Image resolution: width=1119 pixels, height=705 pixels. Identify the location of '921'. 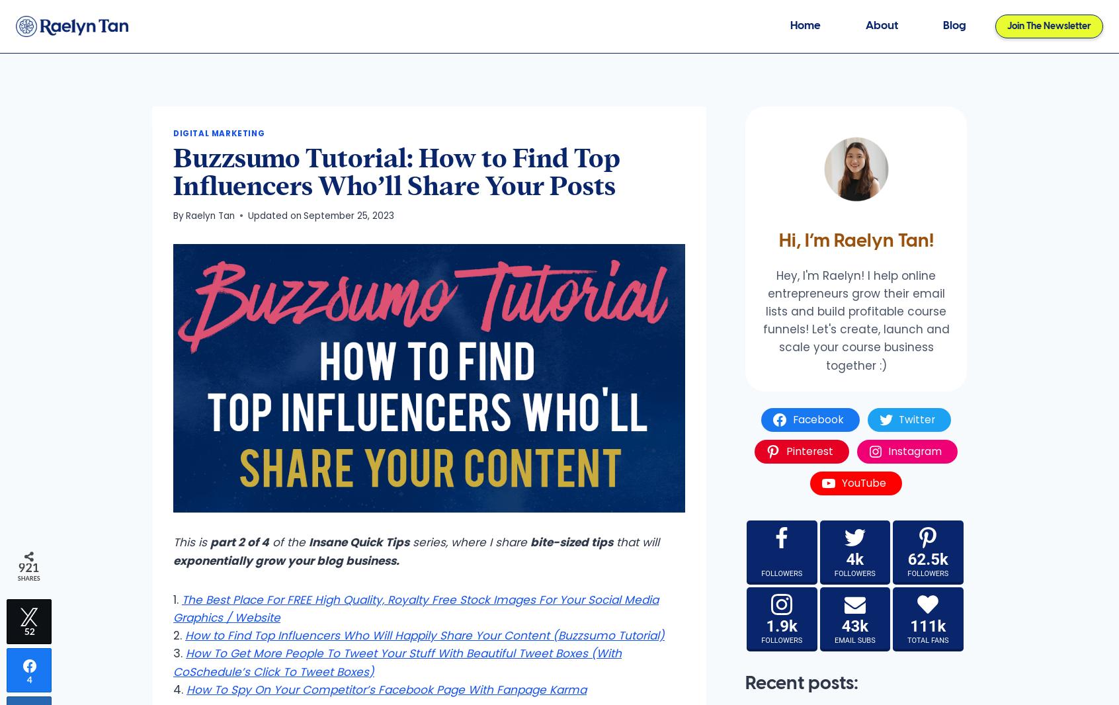
(17, 567).